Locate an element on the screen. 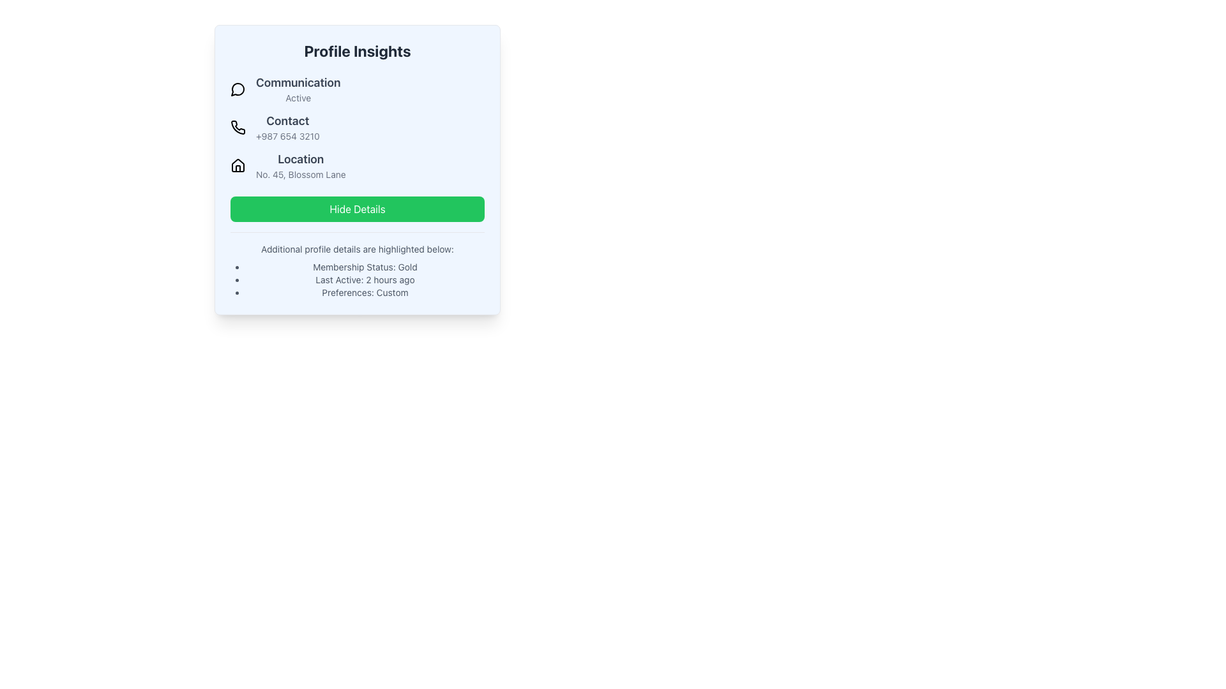 The width and height of the screenshot is (1226, 689). bullet points in the text block titled 'Additional profile details are highlighted below:' located within the 'Profile Insights' card is located at coordinates (358, 265).